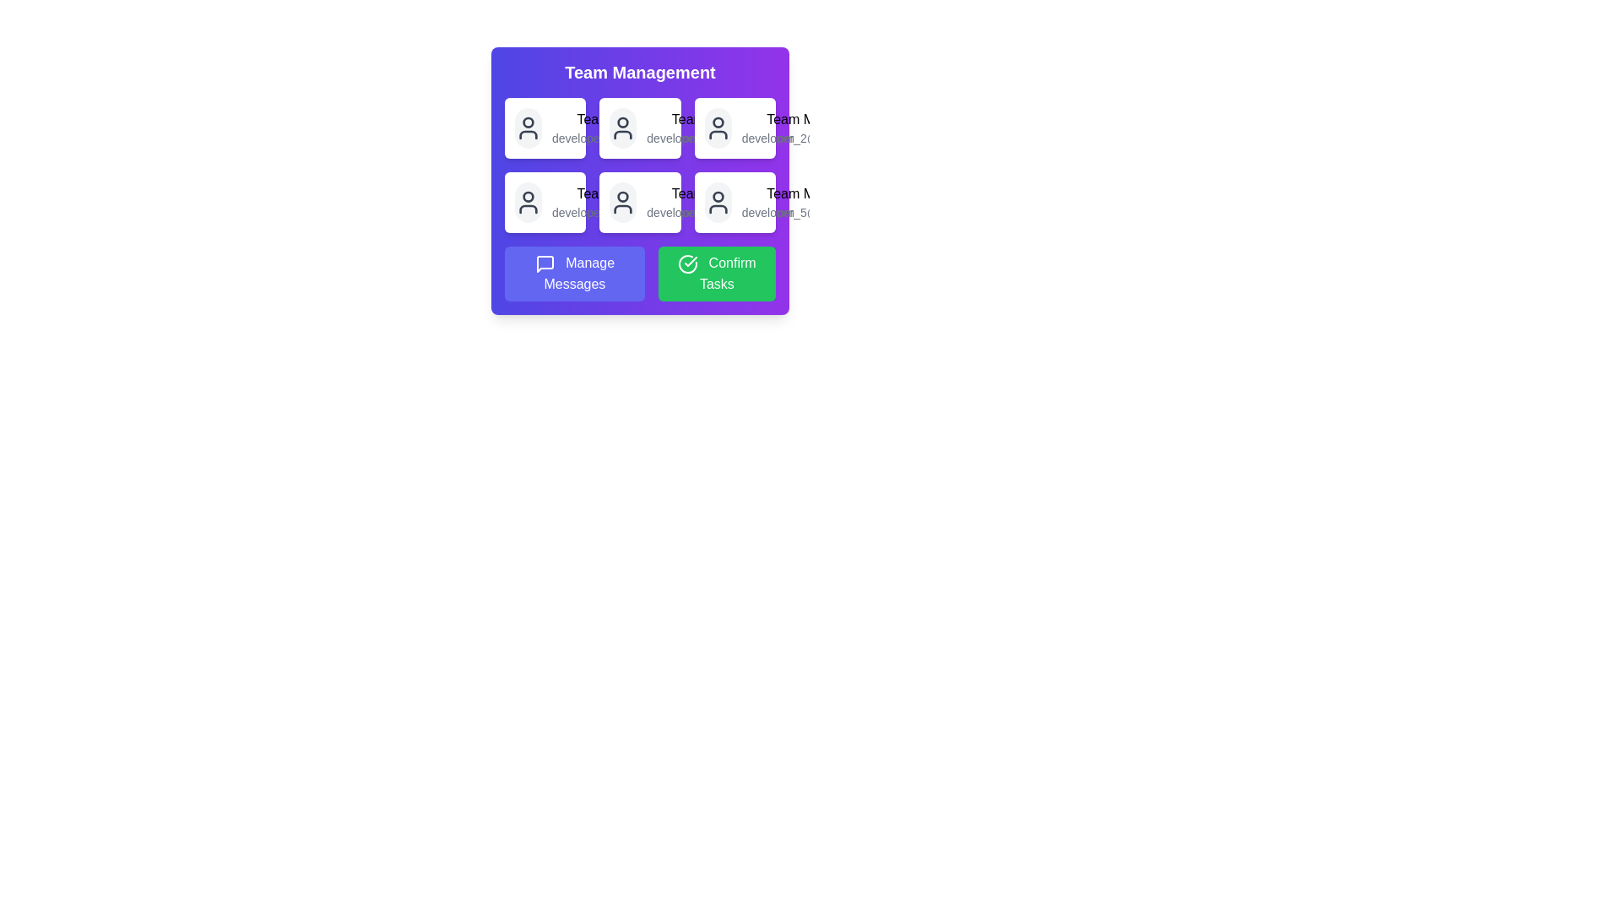 Image resolution: width=1621 pixels, height=912 pixels. I want to click on email address 'developer_1@example.com' displayed in gray font below 'Team Member 2' in the user card section, so click(720, 138).